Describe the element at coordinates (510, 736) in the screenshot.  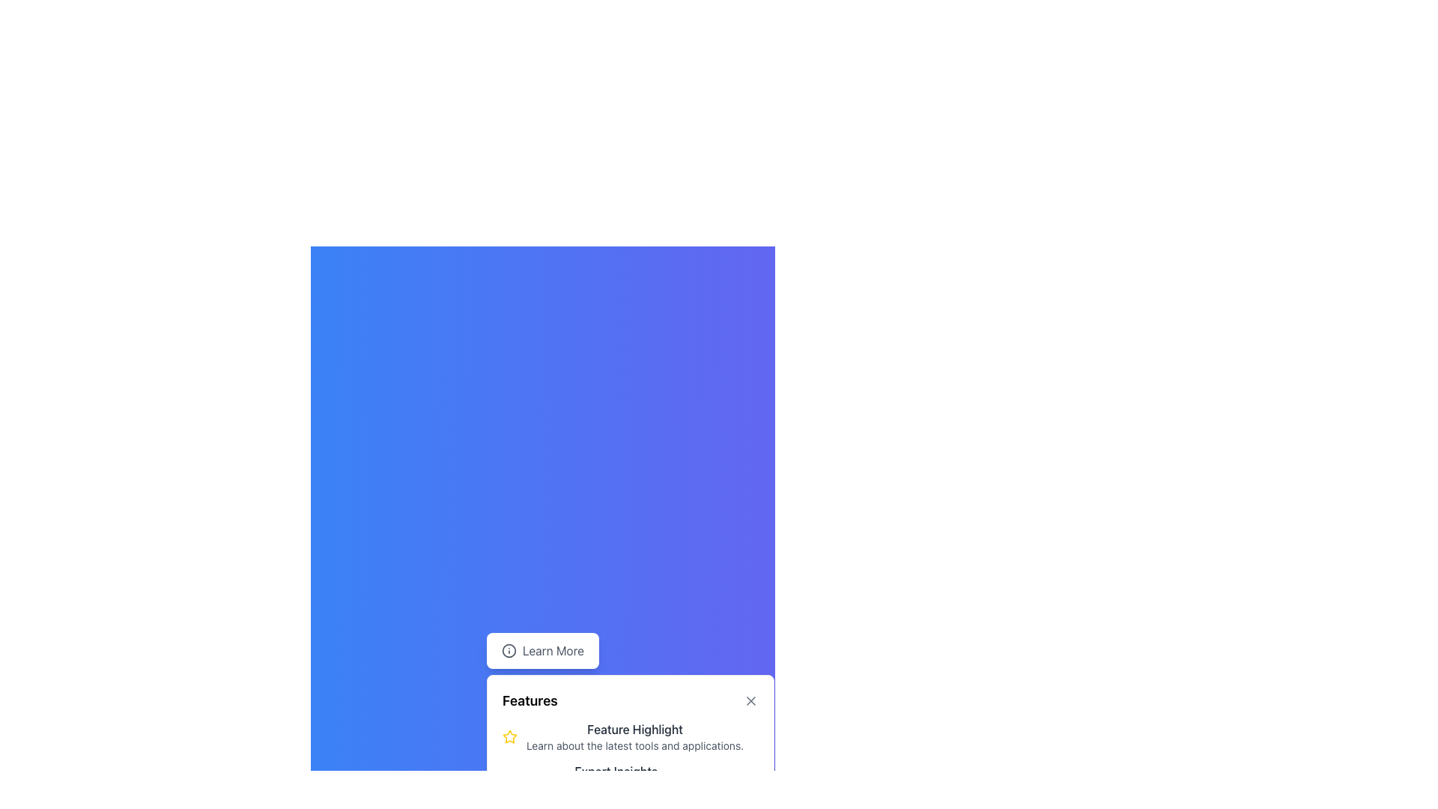
I see `the Icon that serves as a visual indicator for the 'Feature Highlight' section, located in the bottom section of the modal above the text 'Learn about the latest tools and applications'` at that location.